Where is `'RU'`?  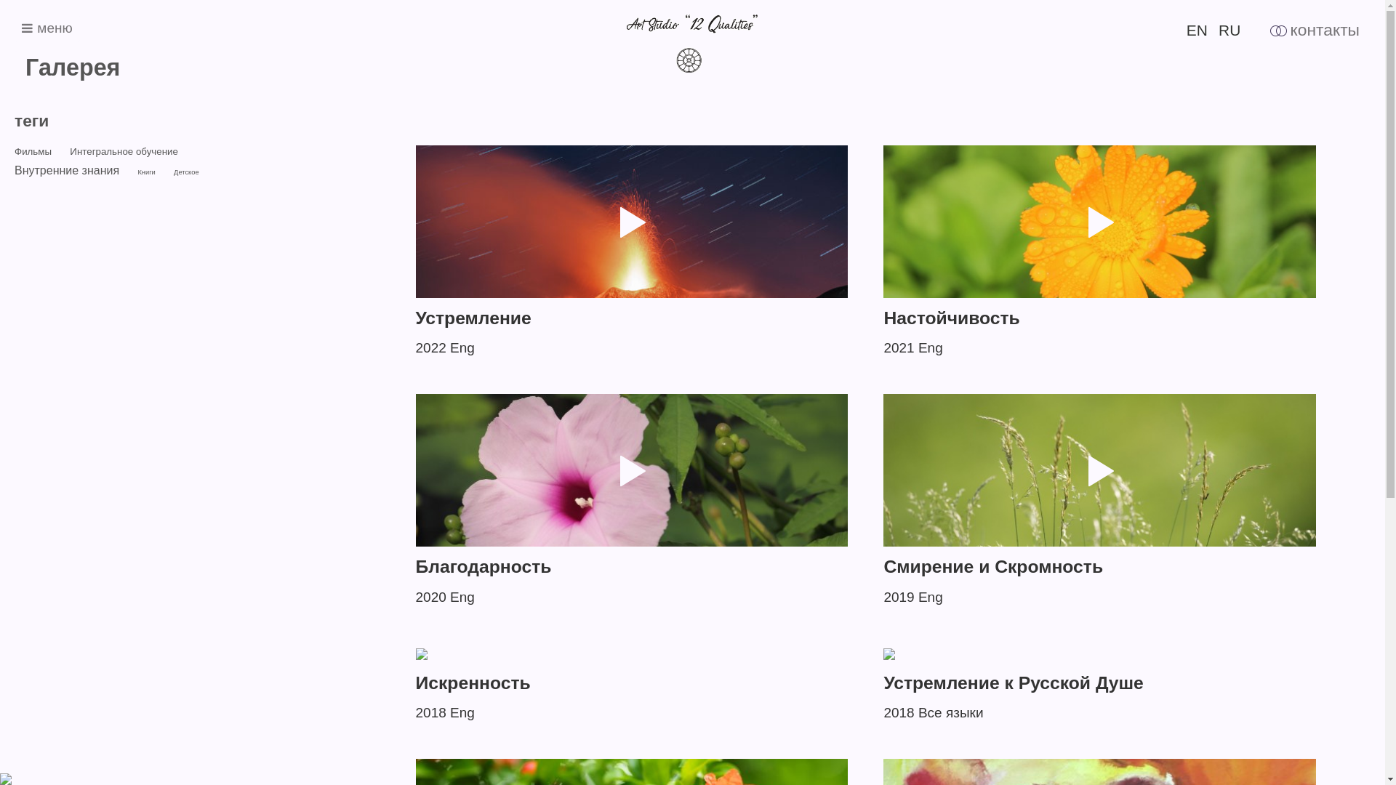 'RU' is located at coordinates (1228, 30).